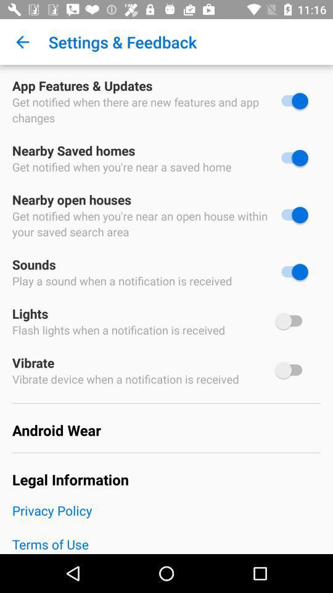 The height and width of the screenshot is (593, 333). Describe the element at coordinates (22, 42) in the screenshot. I see `the item next to settings & feedback item` at that location.